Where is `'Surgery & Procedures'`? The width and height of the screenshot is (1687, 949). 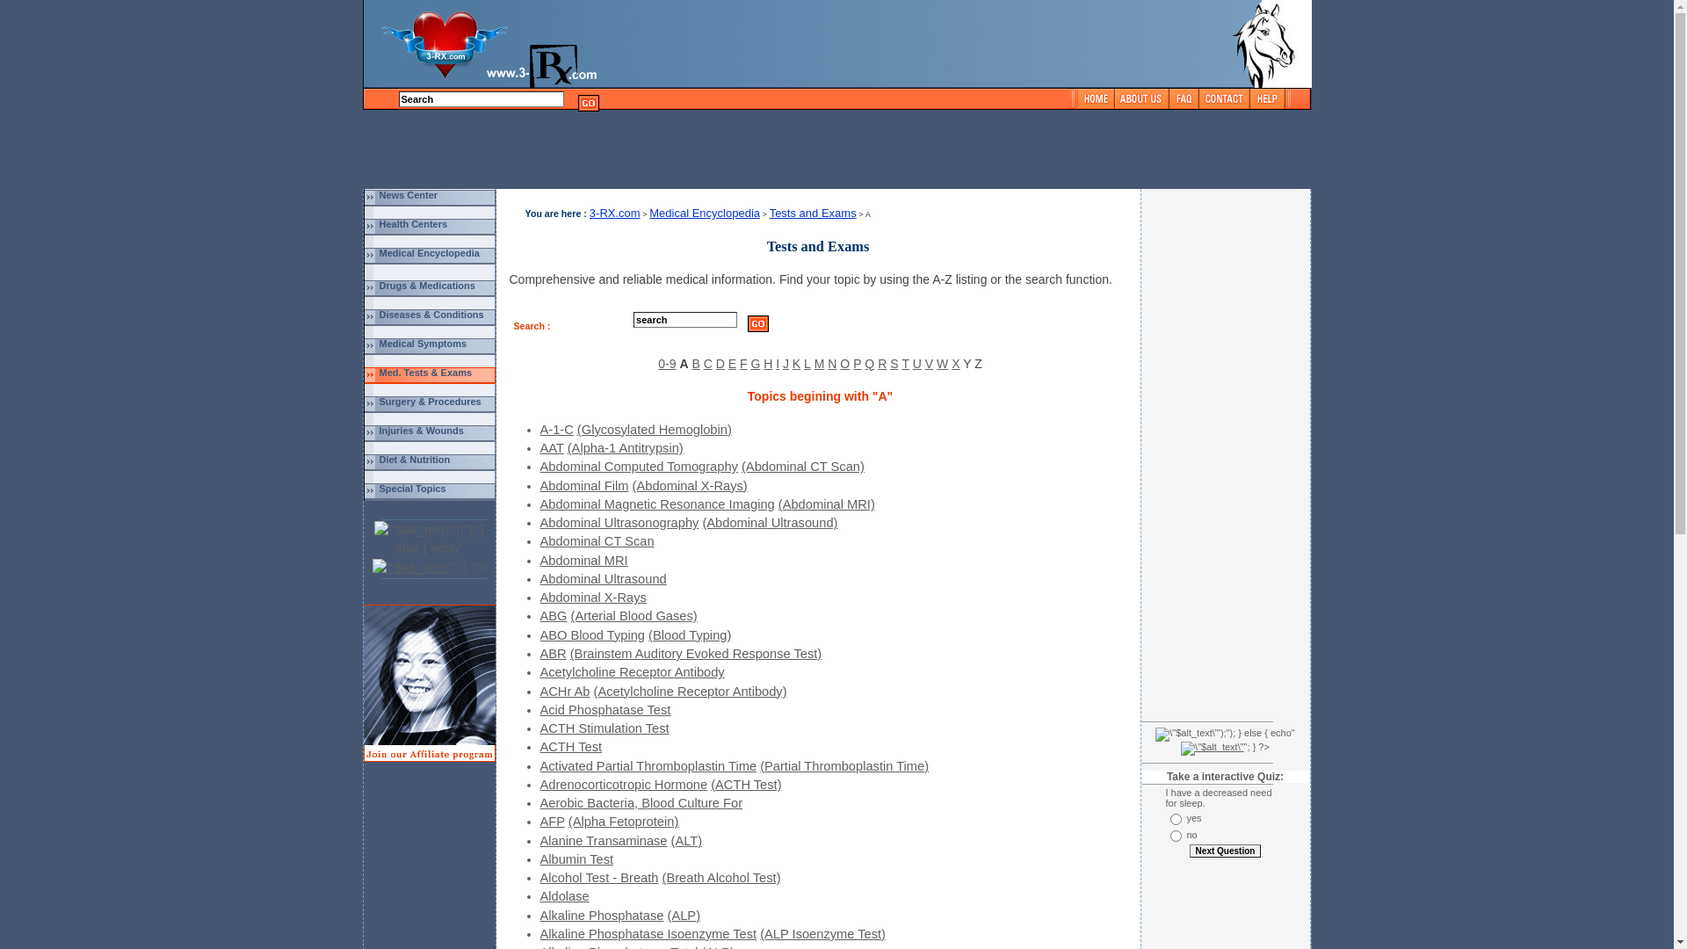
'Surgery & Procedures' is located at coordinates (379, 401).